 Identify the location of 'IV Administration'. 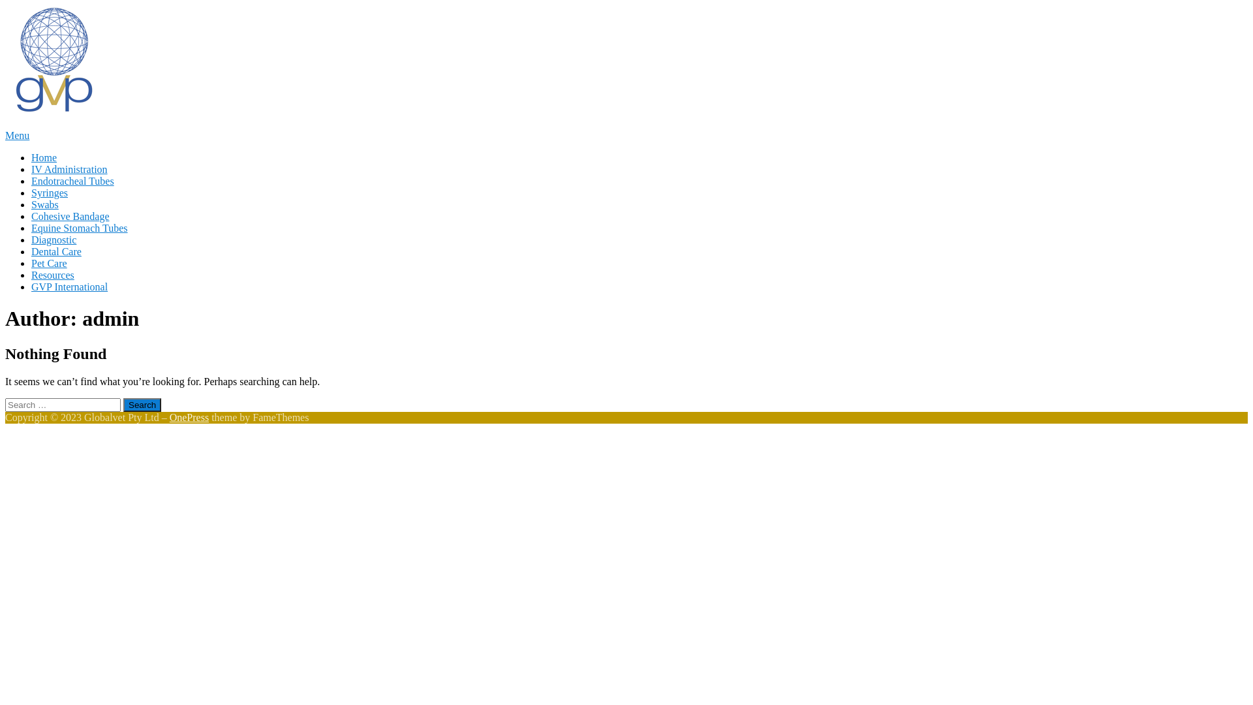
(69, 168).